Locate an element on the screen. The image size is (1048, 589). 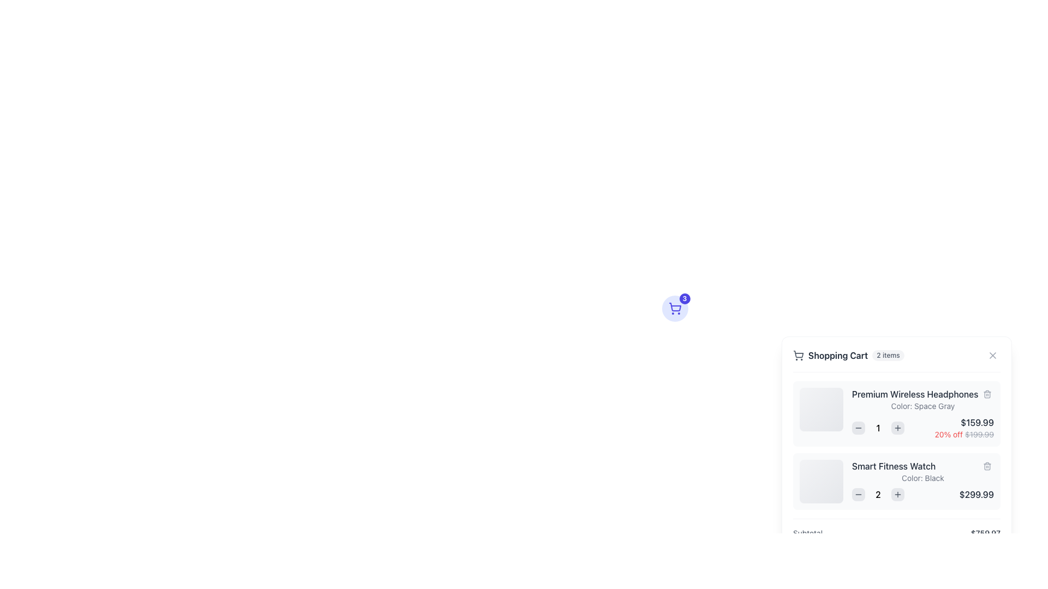
the trash bin icon button, which is a small square-shaped icon with a light gray background and dark gray trash bin graphic, located to the right of the item title 'Premium Wireless Headphones' in the shopping cart interface is located at coordinates (987, 394).